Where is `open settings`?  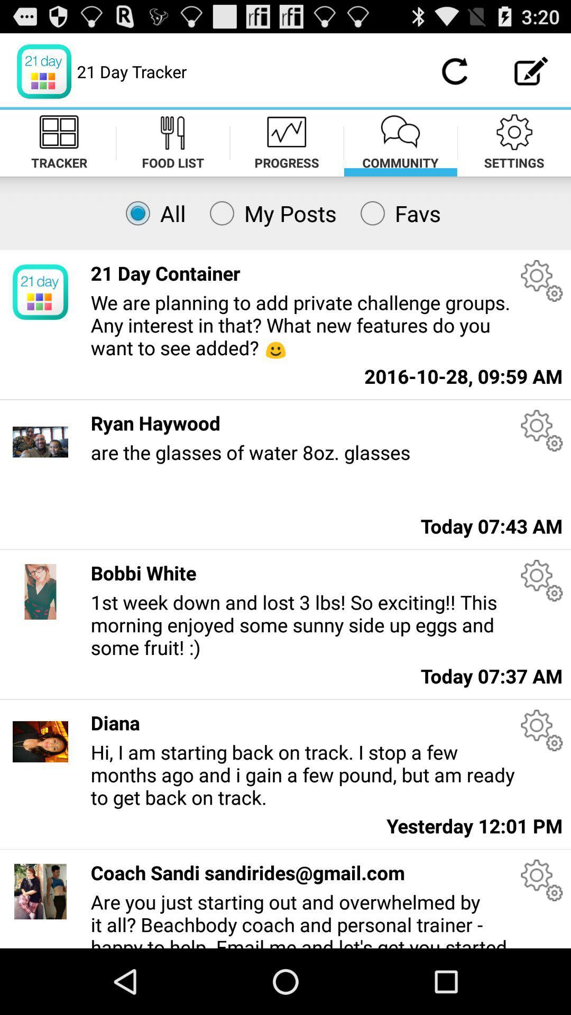
open settings is located at coordinates (541, 730).